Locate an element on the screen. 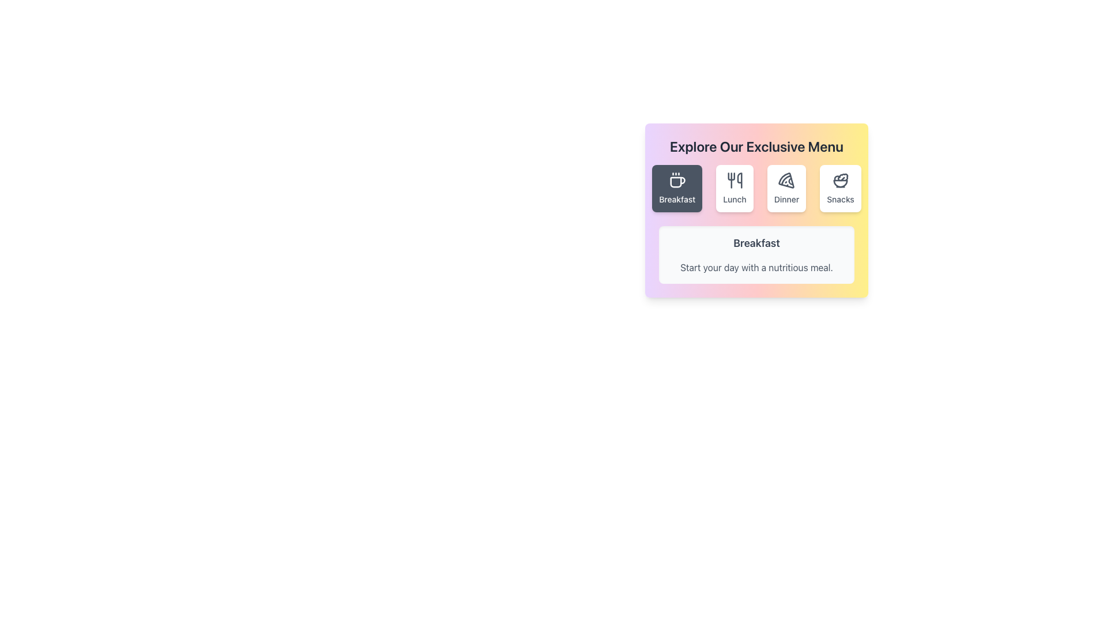  text of the heading label that emphasizes the content of the 'Breakfast' section, located centrally above the descriptive phrase is located at coordinates (756, 242).